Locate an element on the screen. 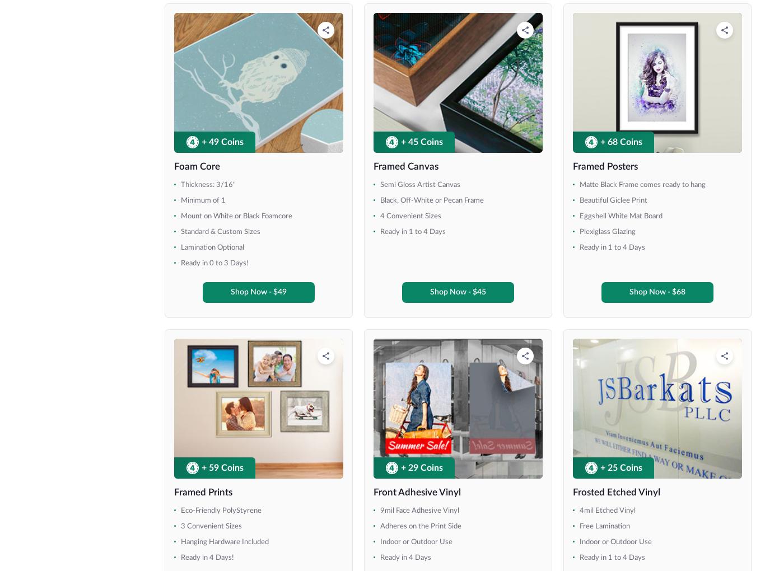  '84" x 150.5" (8ft Table)' is located at coordinates (69, 143).